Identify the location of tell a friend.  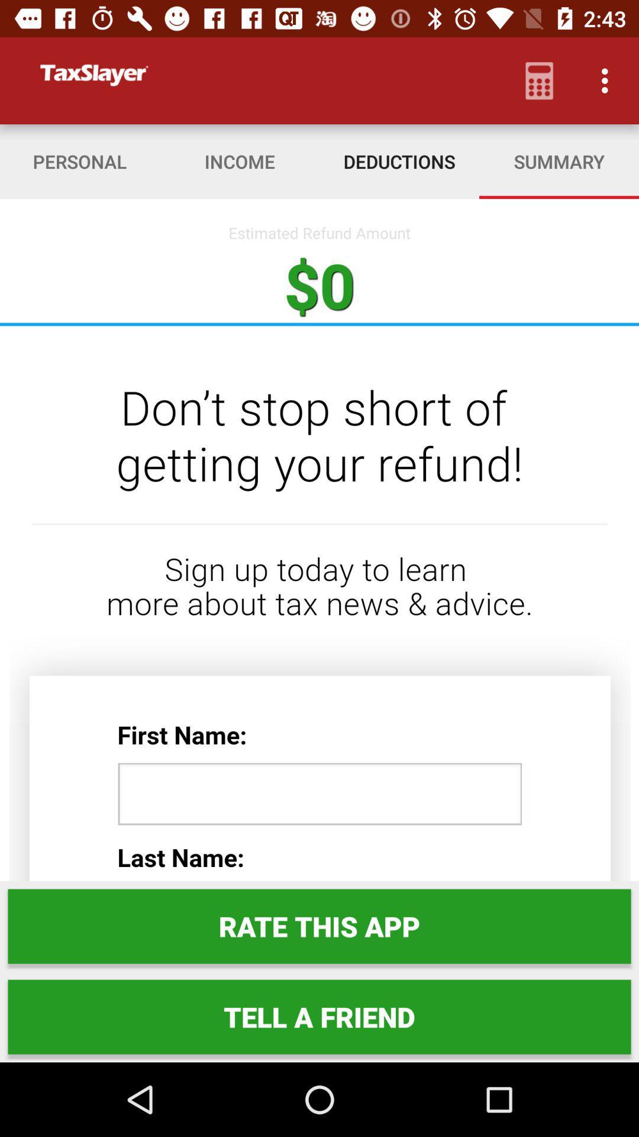
(319, 1016).